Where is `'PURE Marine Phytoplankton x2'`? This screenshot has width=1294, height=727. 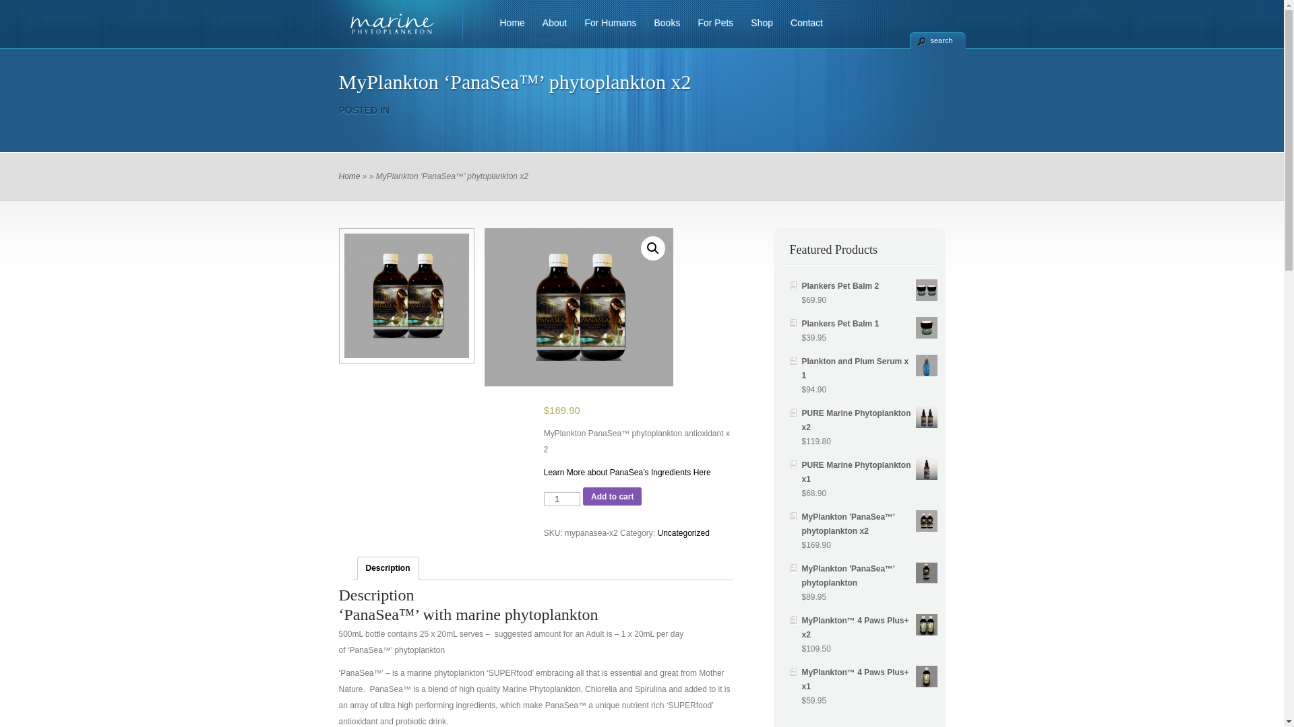
'PURE Marine Phytoplankton x2' is located at coordinates (869, 419).